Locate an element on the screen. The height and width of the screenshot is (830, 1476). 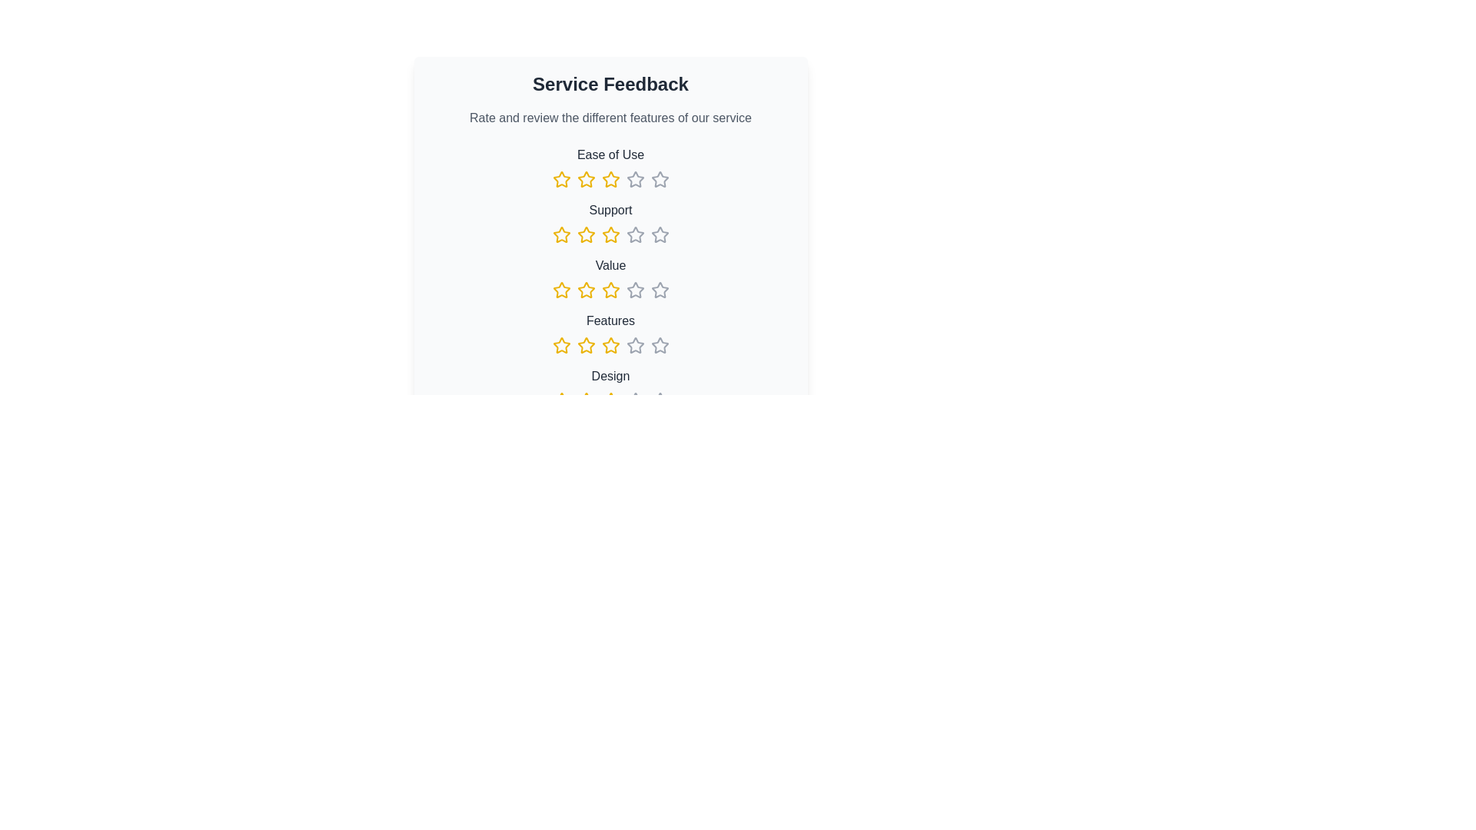
the fourth star in the second row of the star rating system labeled 'Support' to assign a rating is located at coordinates (660, 234).